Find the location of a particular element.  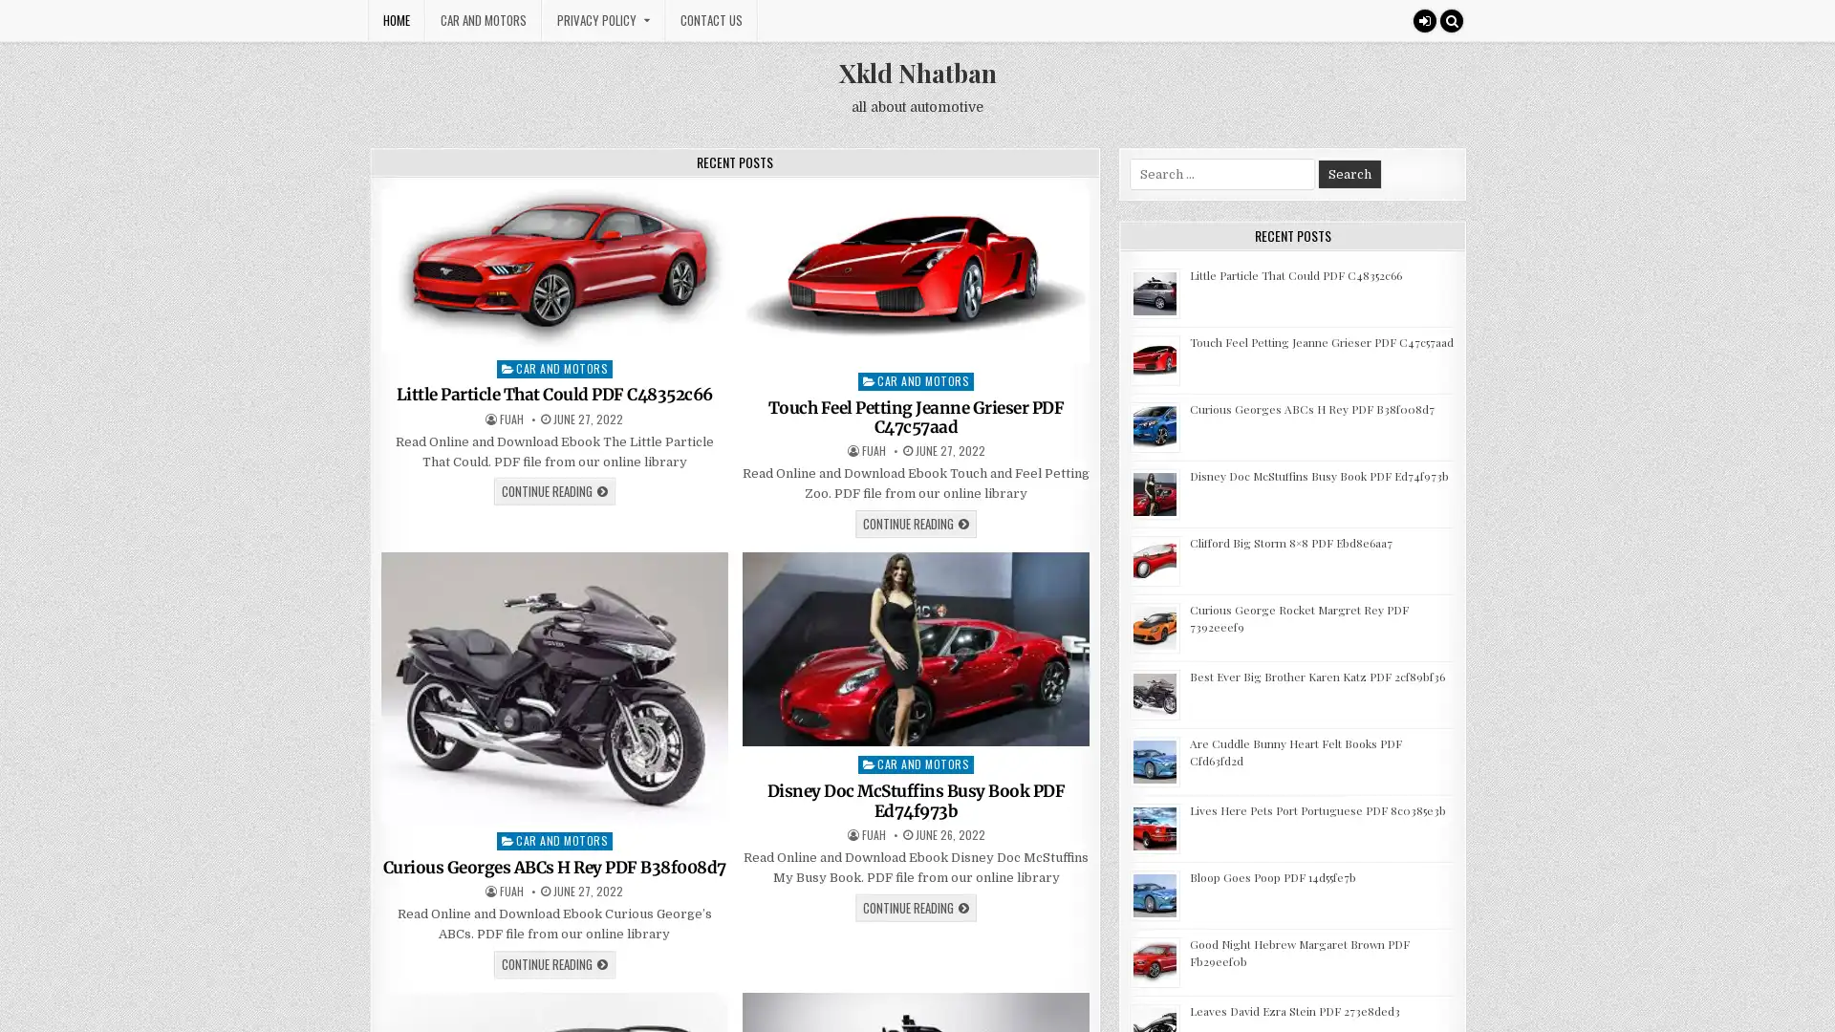

Search is located at coordinates (1349, 174).